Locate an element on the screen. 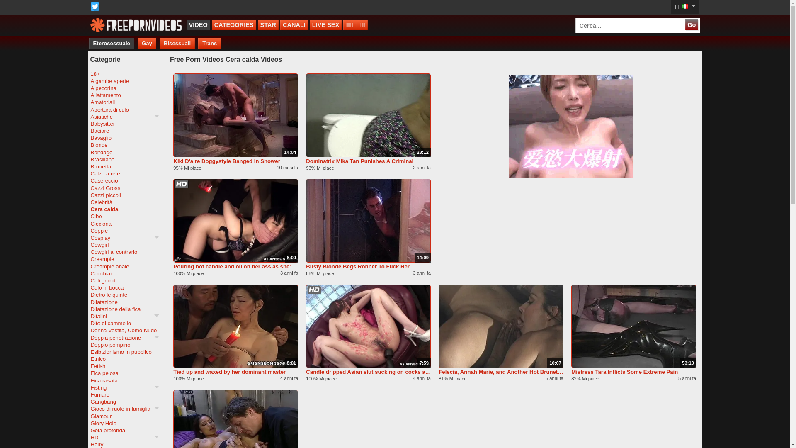 The image size is (796, 448). 'Pouring hot candle and oil on her ass as she's fucked' is located at coordinates (235, 266).